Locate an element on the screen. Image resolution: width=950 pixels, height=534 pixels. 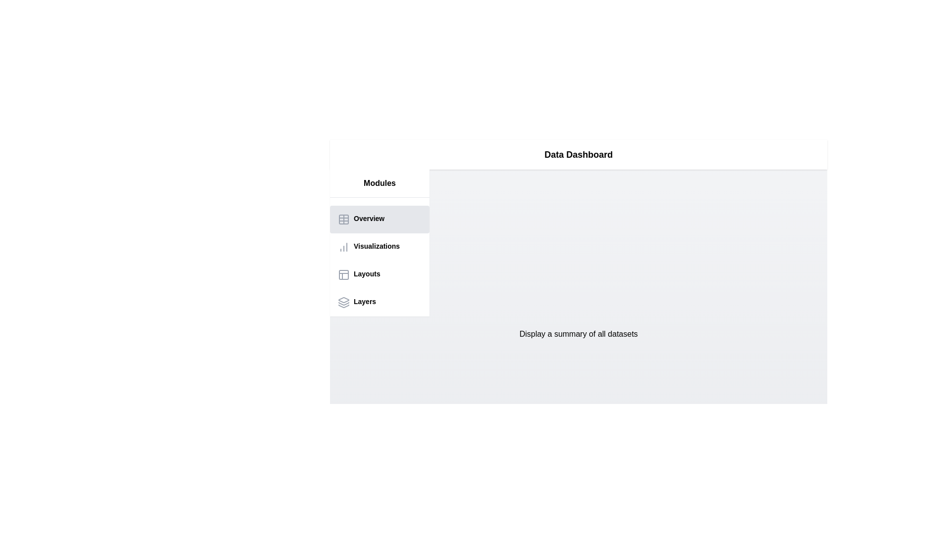
the Layers tab in the sidebar is located at coordinates (379, 302).